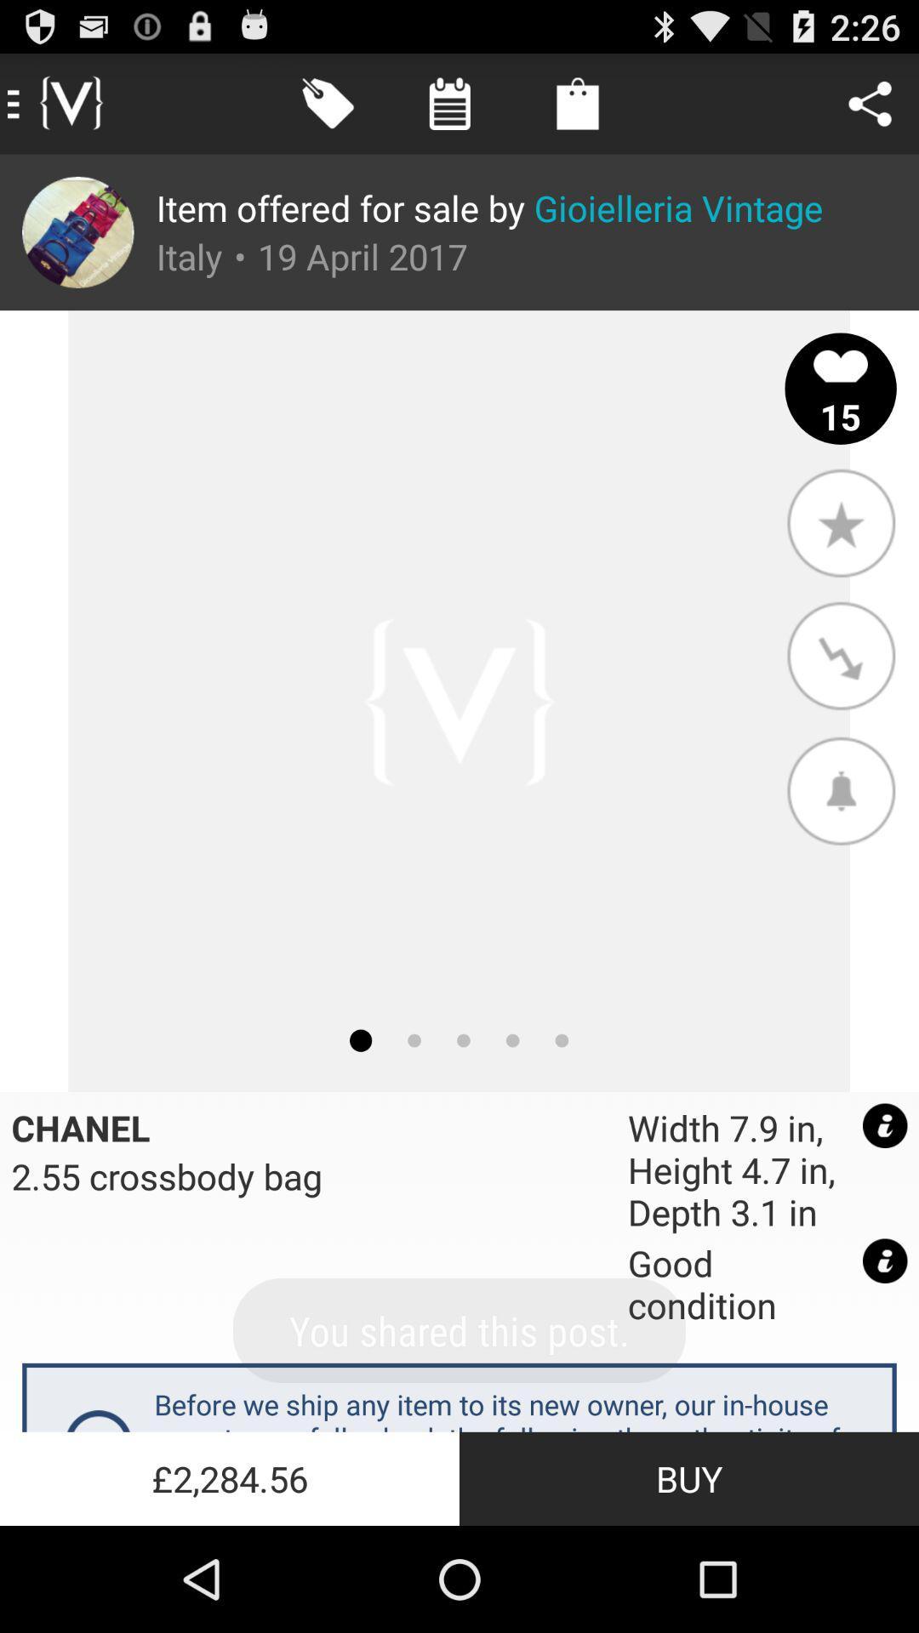 This screenshot has height=1633, width=919. I want to click on the app above the width 7 9 app, so click(840, 789).